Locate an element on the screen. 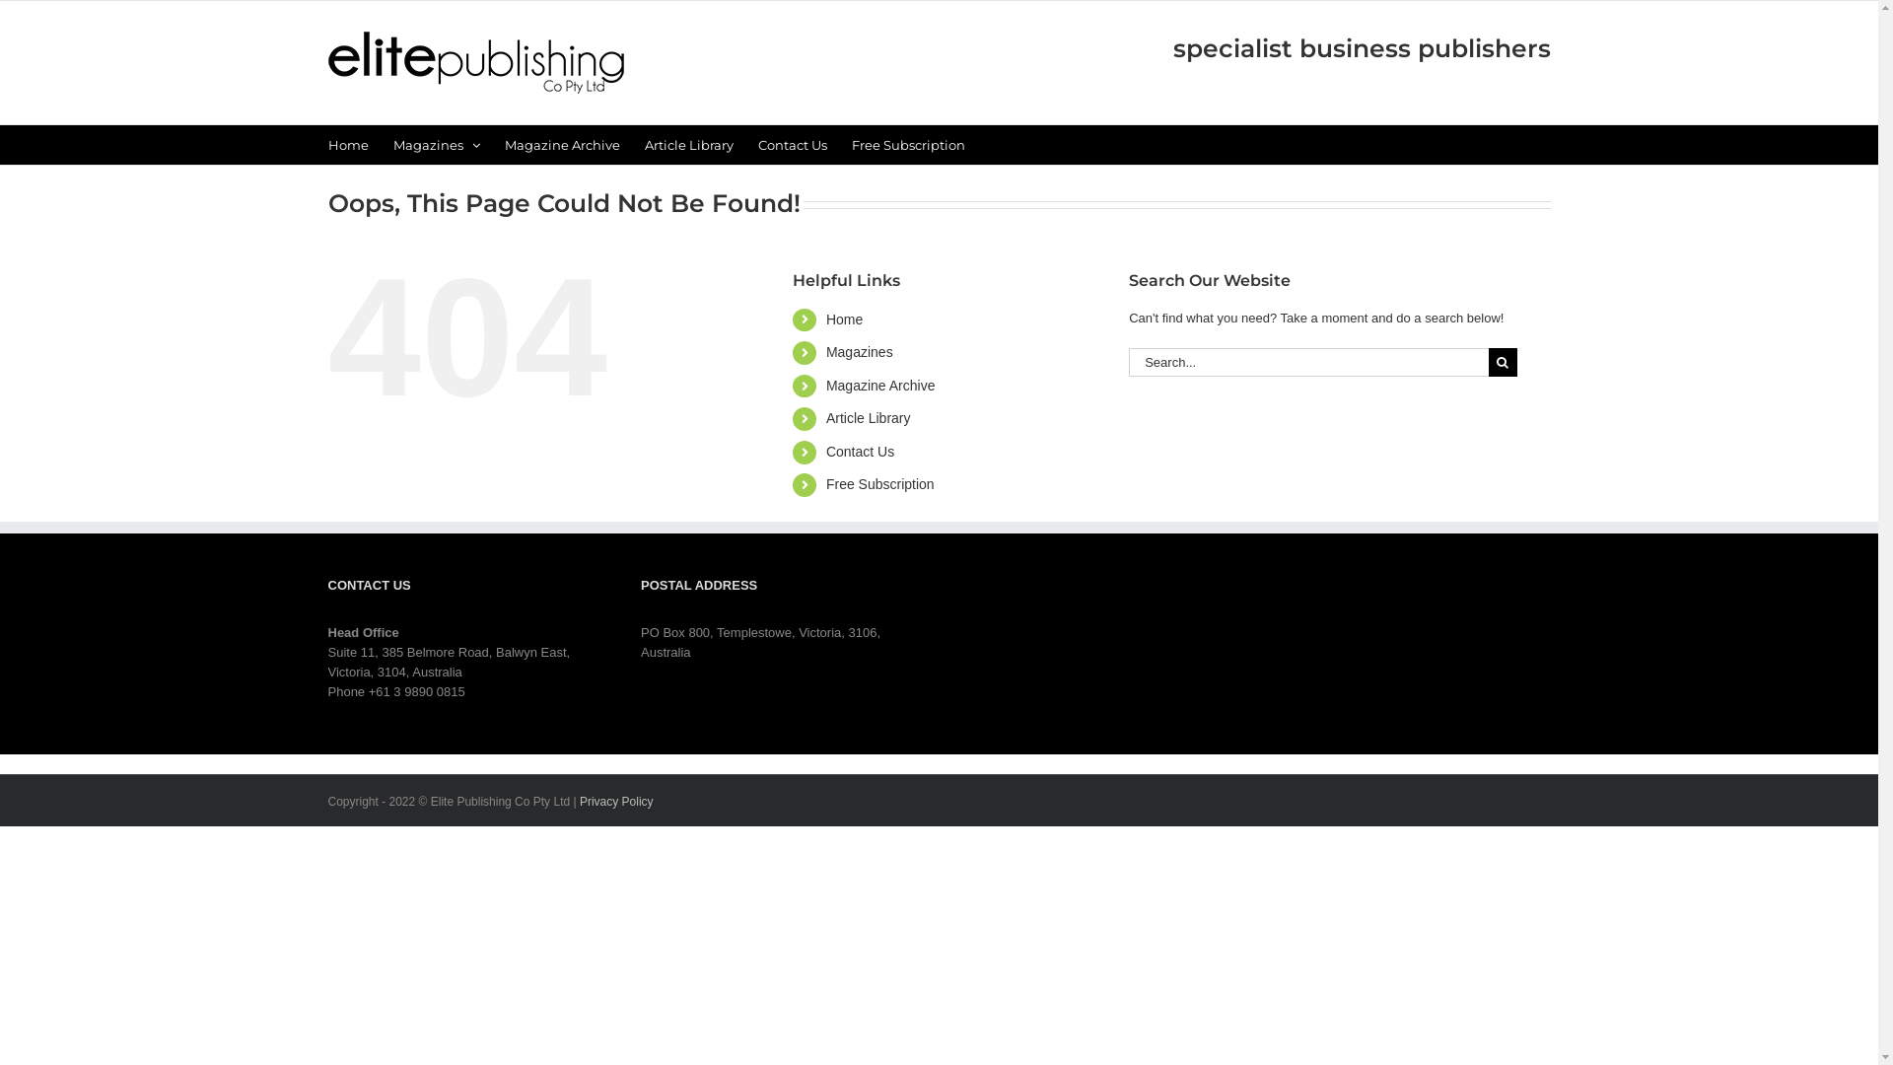  'Home' is located at coordinates (347, 143).